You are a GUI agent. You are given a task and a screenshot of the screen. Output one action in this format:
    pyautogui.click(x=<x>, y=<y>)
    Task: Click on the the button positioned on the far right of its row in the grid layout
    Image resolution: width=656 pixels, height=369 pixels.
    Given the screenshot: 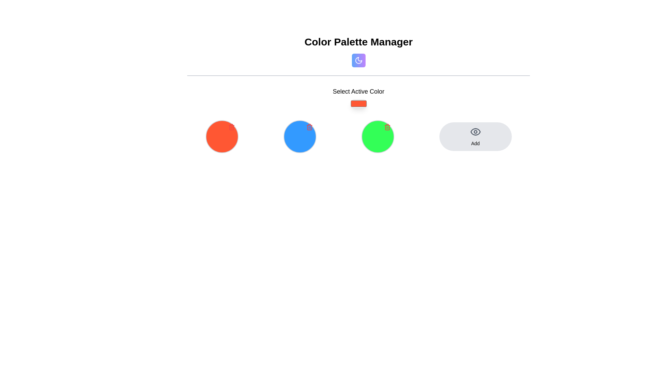 What is the action you would take?
    pyautogui.click(x=475, y=137)
    